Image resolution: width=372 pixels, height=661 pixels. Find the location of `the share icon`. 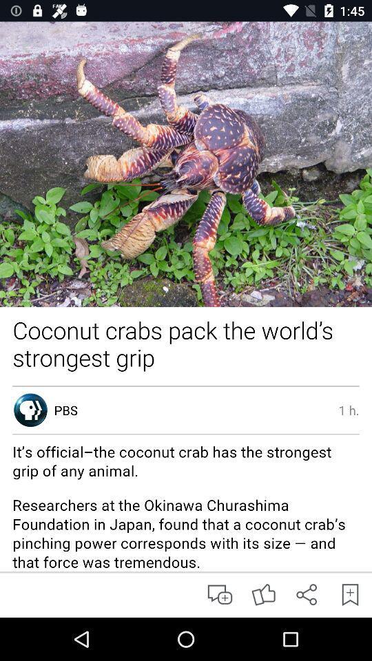

the share icon is located at coordinates (307, 593).